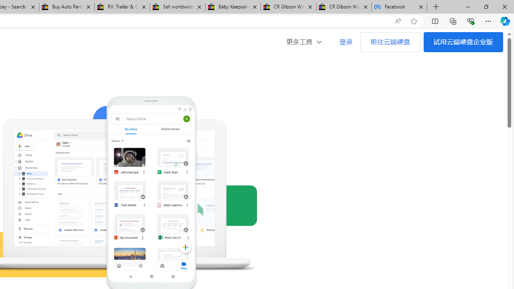 The height and width of the screenshot is (289, 514). Describe the element at coordinates (67, 7) in the screenshot. I see `'Buy Auto Parts & Accessories | eBay'` at that location.